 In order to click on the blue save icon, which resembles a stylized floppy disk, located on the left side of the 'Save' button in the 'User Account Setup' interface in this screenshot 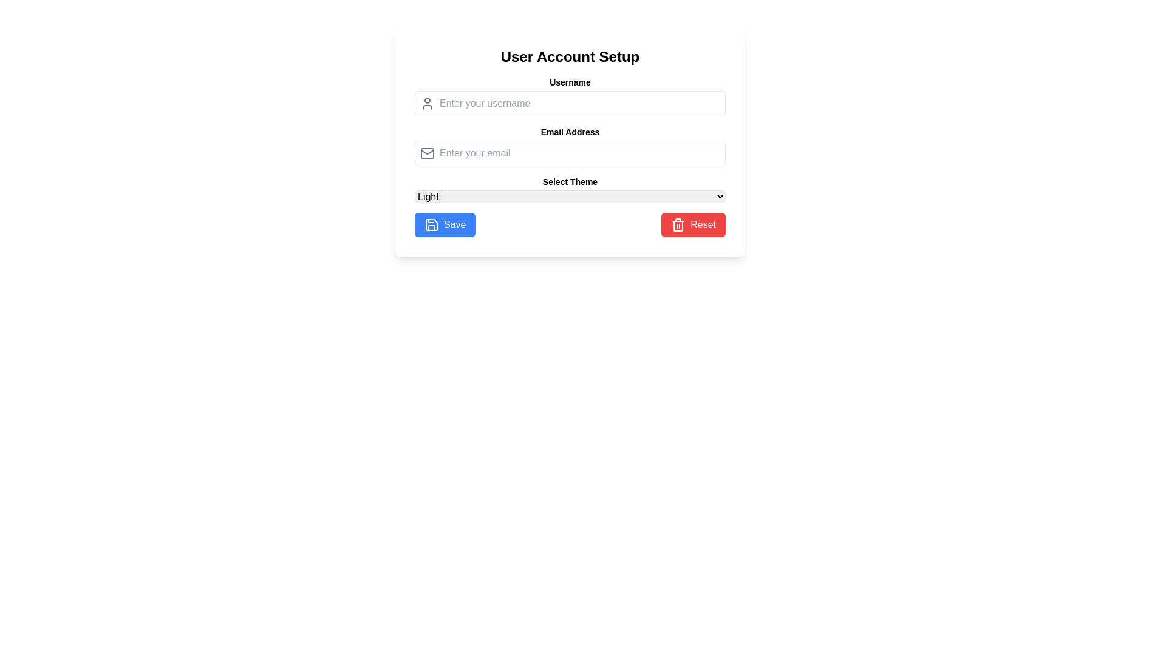, I will do `click(431, 224)`.